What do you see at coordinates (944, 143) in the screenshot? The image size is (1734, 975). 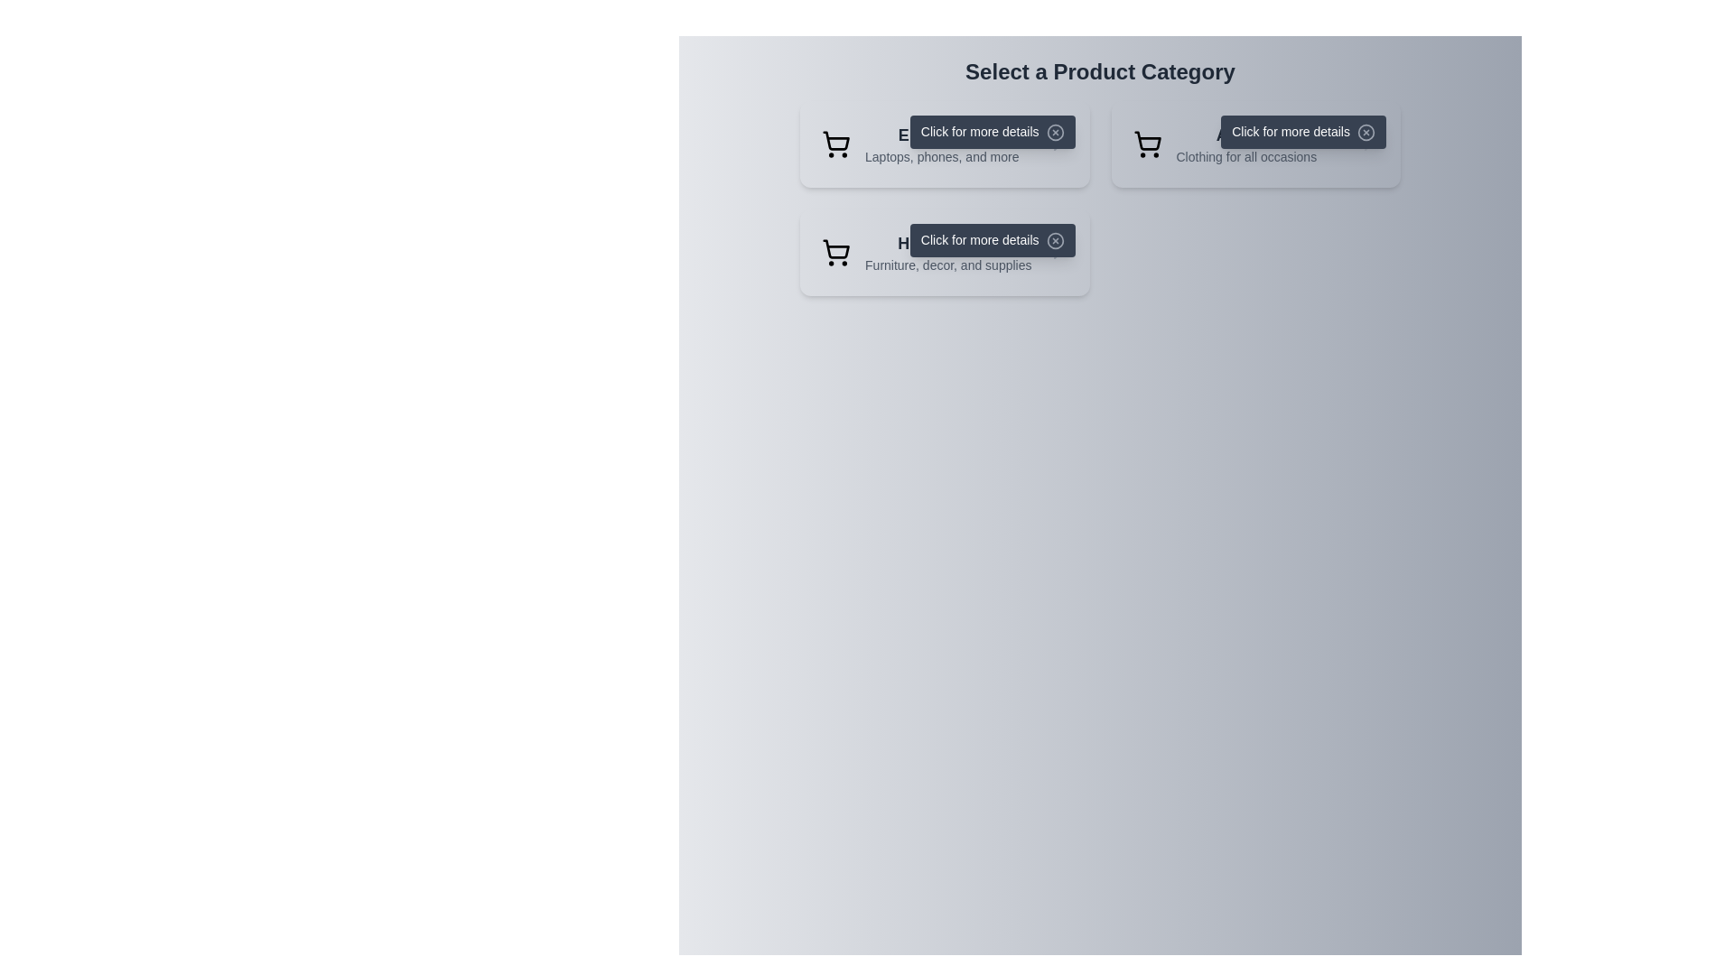 I see `displayed texts on the 'Electronics' category card, which is the first card in a grid layout` at bounding box center [944, 143].